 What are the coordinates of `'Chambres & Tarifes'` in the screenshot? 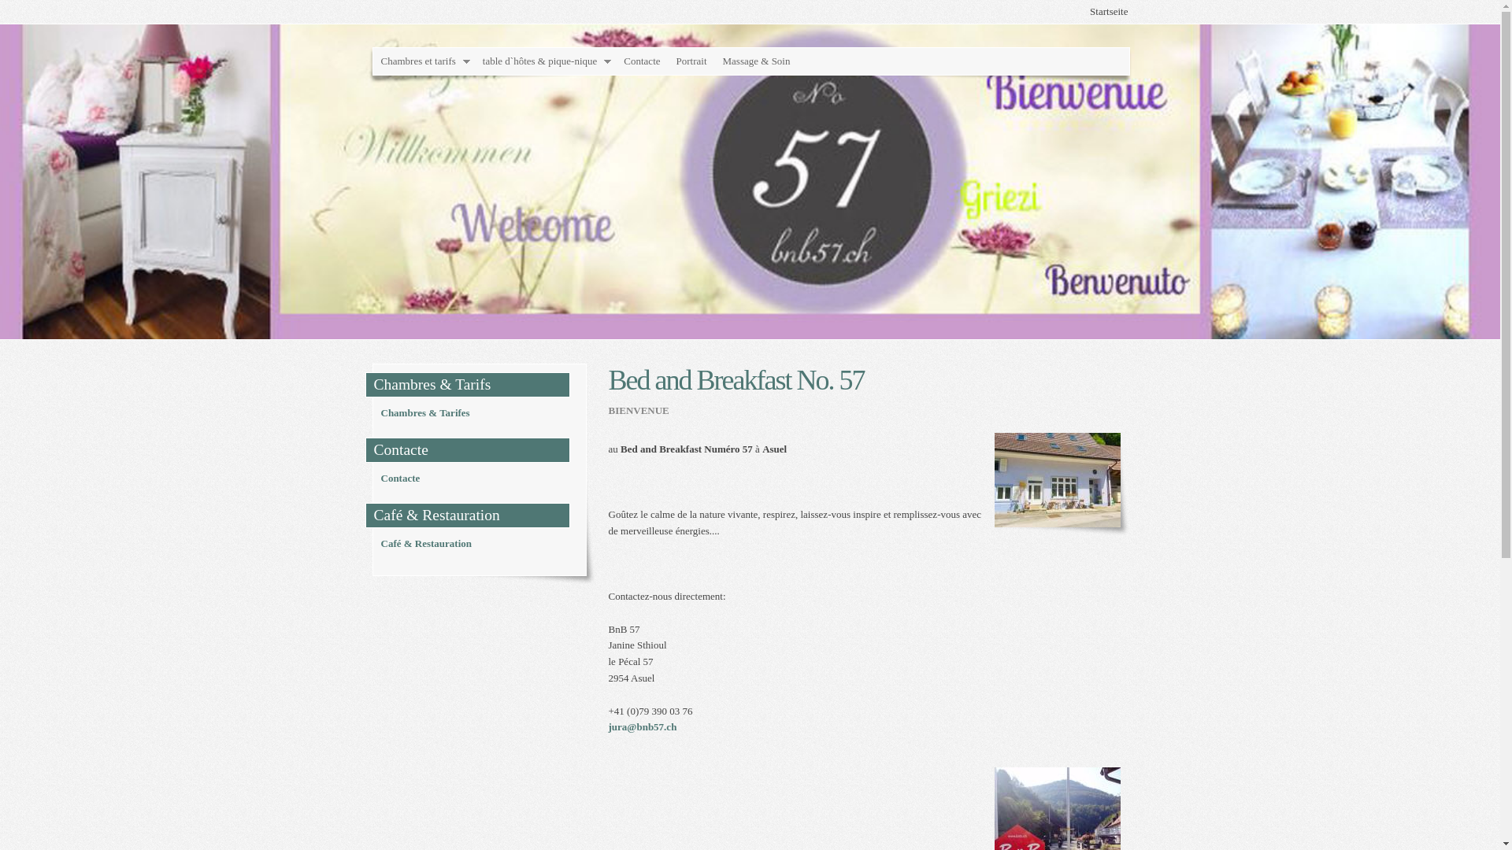 It's located at (425, 412).